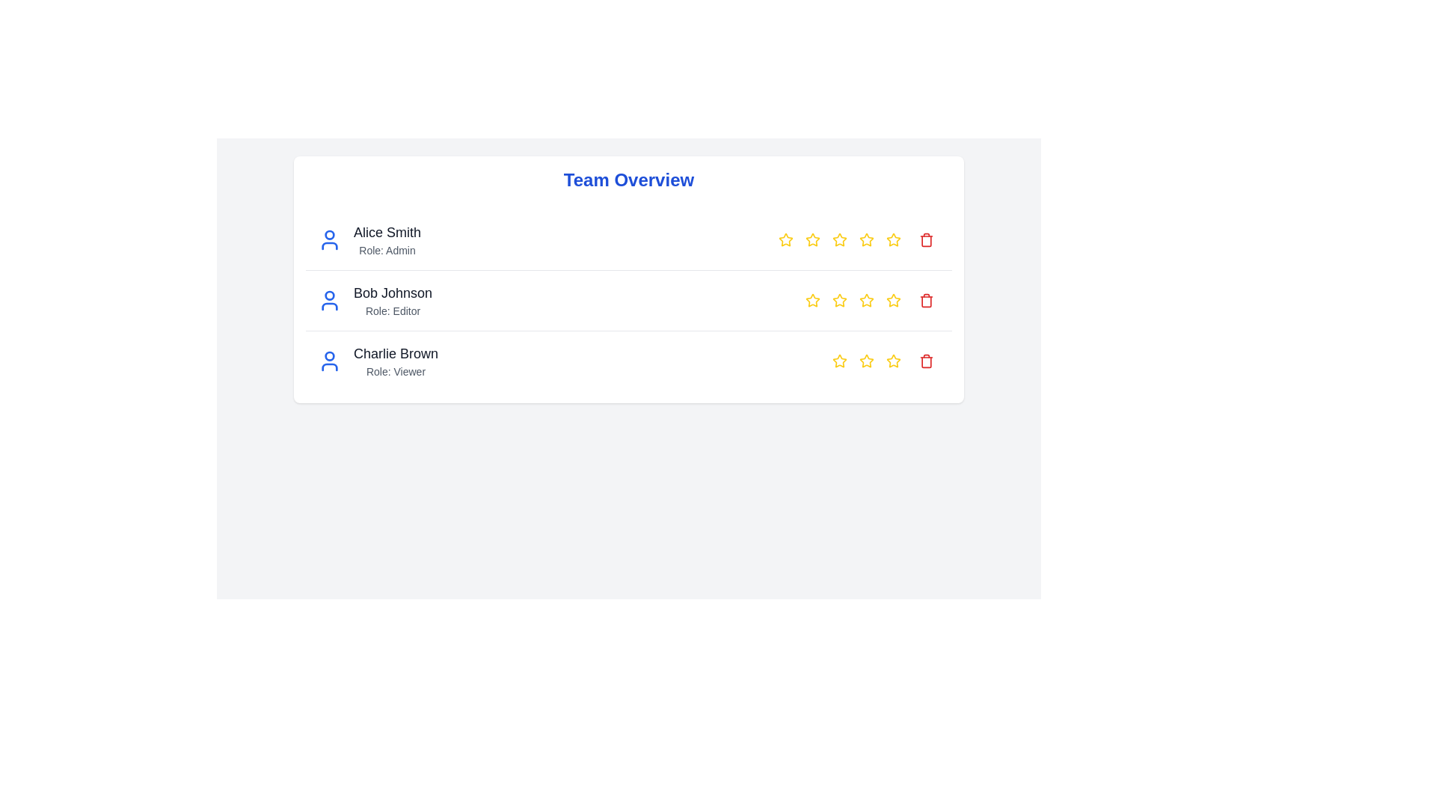  Describe the element at coordinates (393, 300) in the screenshot. I see `the text block displaying the name and role of a team member located in the second row of the 'Team Overview' section, which is positioned between 'Alice Smith' and 'Charlie Brown'` at that location.